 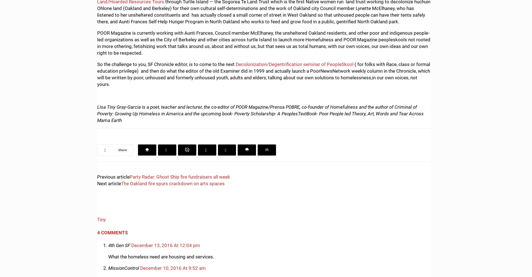 What do you see at coordinates (166, 64) in the screenshot?
I see `'So the challenge to you, SF Chronicle editor, is to come to the next'` at bounding box center [166, 64].